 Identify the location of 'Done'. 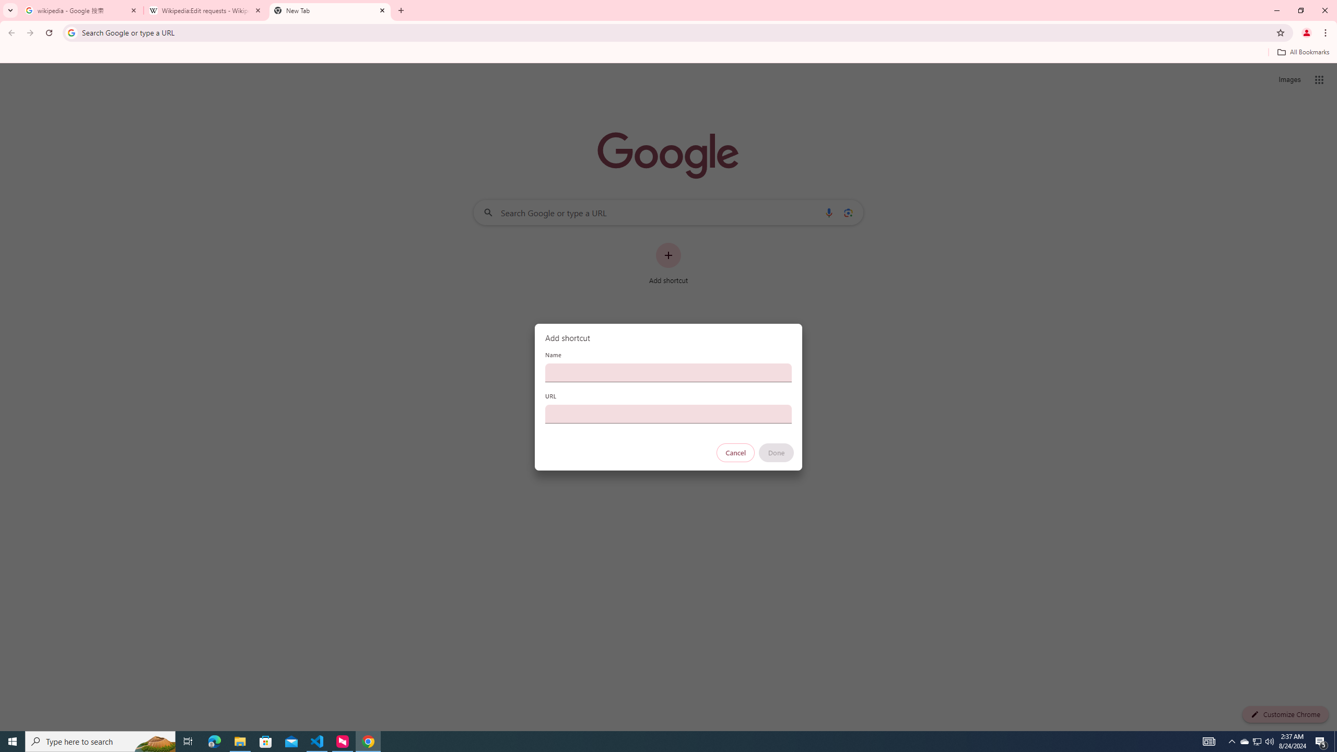
(777, 452).